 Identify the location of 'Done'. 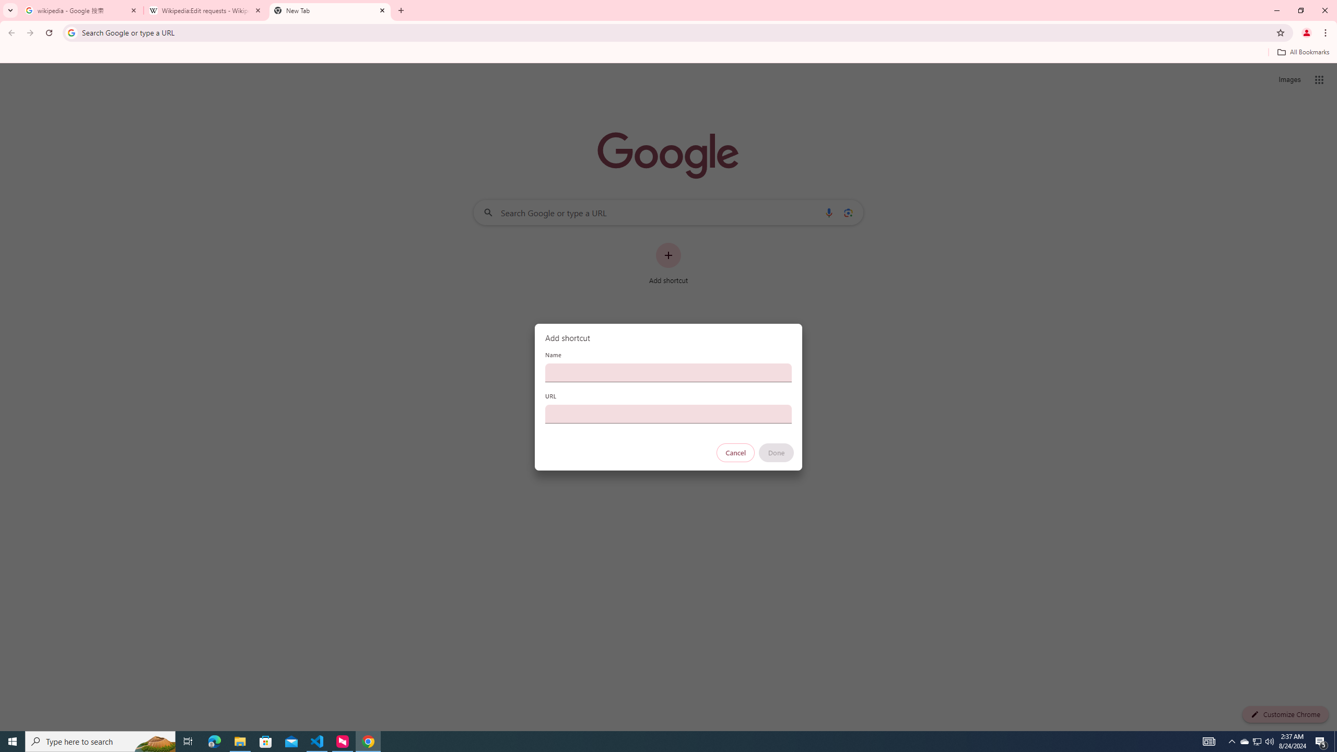
(777, 452).